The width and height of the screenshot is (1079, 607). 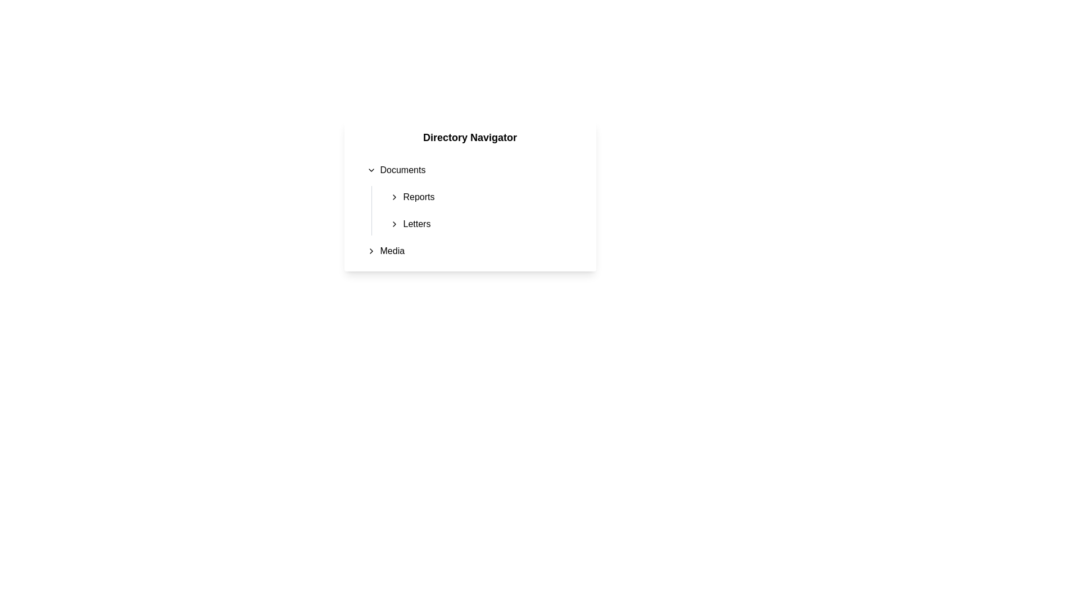 What do you see at coordinates (394, 197) in the screenshot?
I see `the chevron icon located to the left of the 'Reports' label` at bounding box center [394, 197].